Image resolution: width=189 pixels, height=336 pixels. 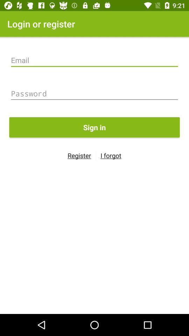 I want to click on the sign in icon, so click(x=94, y=127).